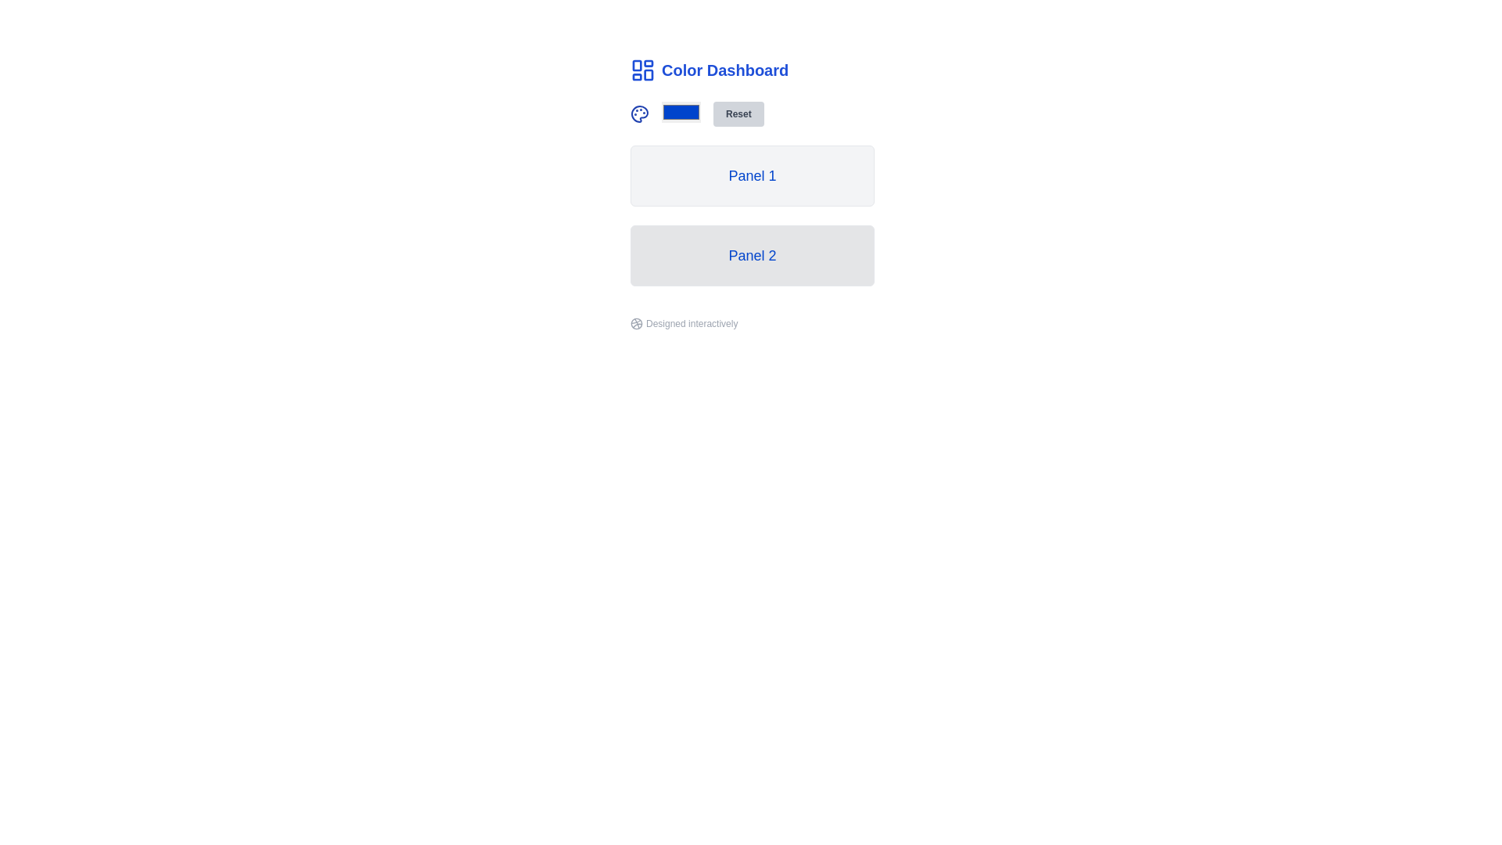 The width and height of the screenshot is (1502, 845). Describe the element at coordinates (752, 175) in the screenshot. I see `the rectangular panel with rounded corners and light gray background labeled 'Panel 1'` at that location.